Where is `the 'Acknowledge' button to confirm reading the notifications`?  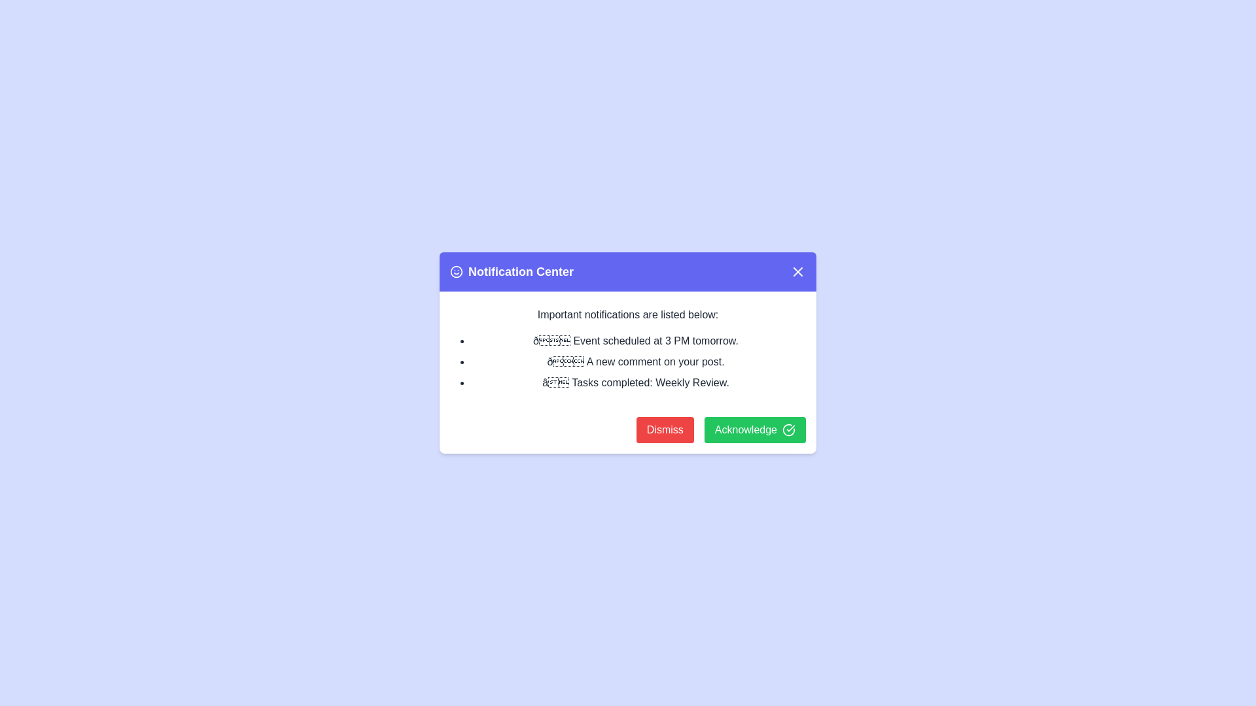
the 'Acknowledge' button to confirm reading the notifications is located at coordinates (754, 430).